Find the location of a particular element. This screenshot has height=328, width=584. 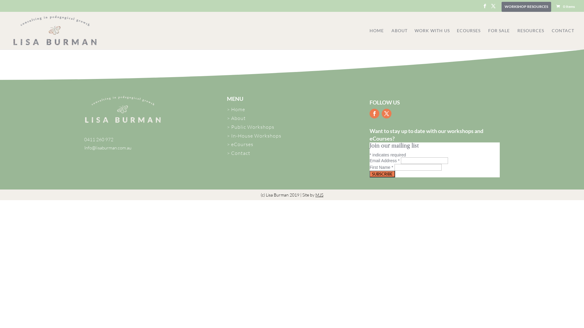

'Follow on Twitter' is located at coordinates (386, 114).